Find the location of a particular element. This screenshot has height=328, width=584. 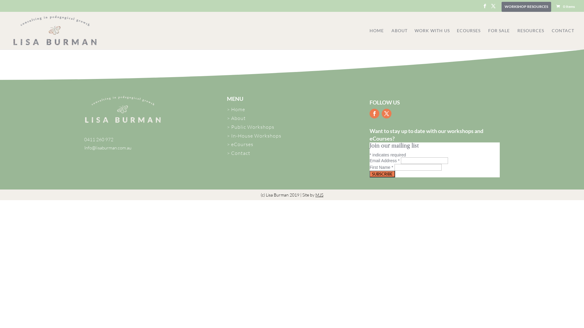

'Follow on Twitter' is located at coordinates (386, 114).